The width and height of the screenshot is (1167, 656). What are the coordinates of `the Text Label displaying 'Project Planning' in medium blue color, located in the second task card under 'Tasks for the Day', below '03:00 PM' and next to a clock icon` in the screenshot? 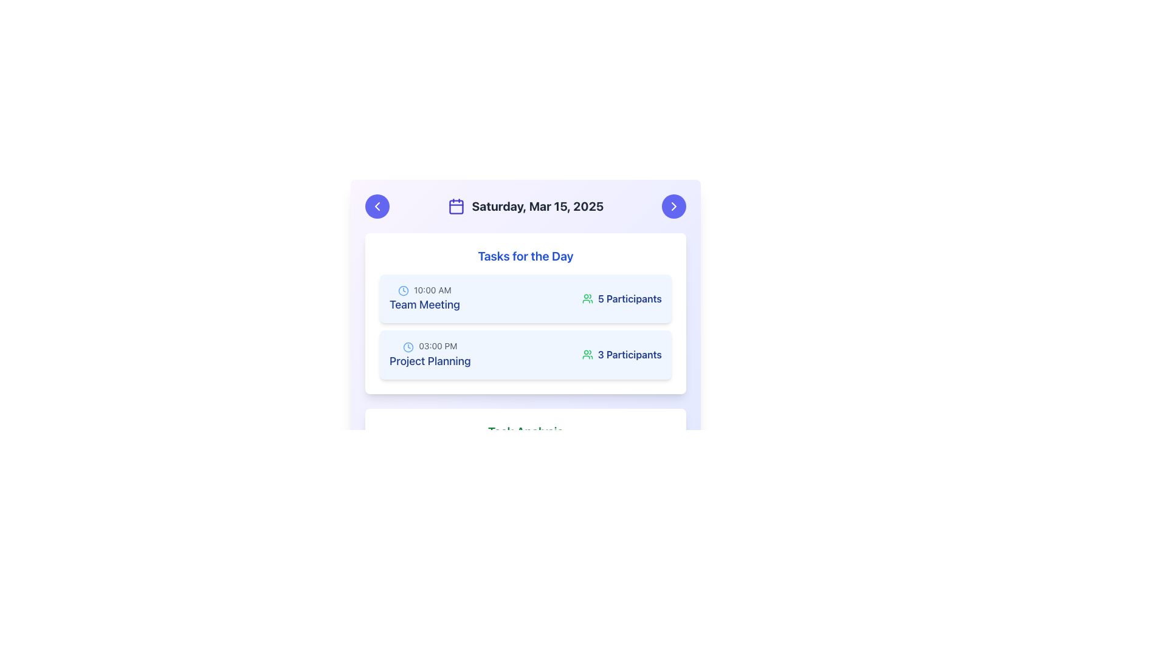 It's located at (430, 360).